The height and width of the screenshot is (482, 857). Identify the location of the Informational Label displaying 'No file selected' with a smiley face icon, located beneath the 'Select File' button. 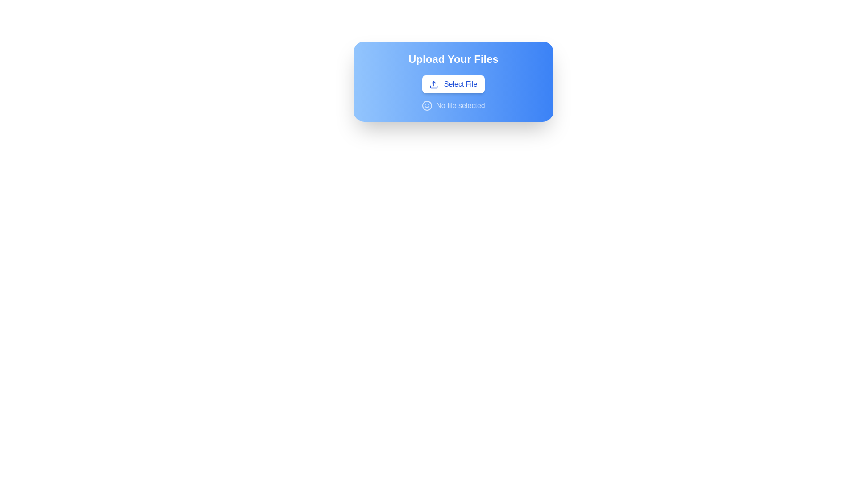
(453, 105).